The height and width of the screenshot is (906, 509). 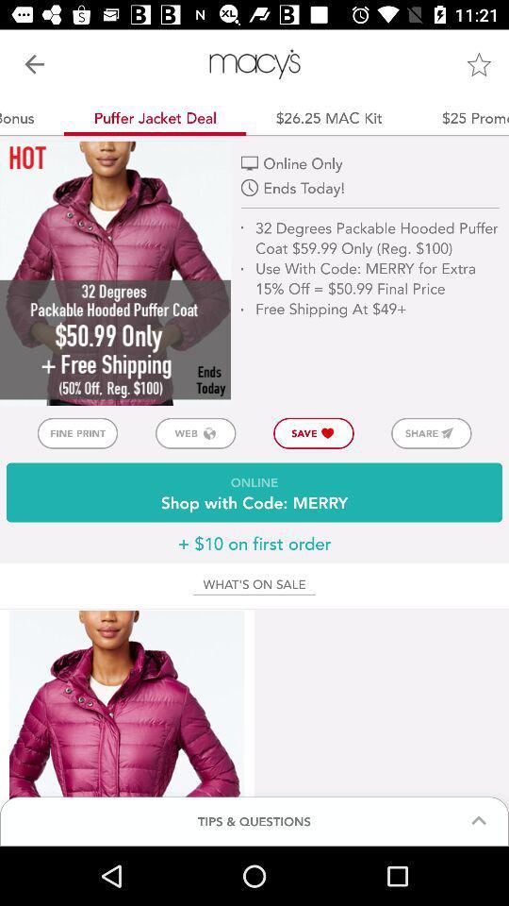 I want to click on the online shop with, so click(x=254, y=492).